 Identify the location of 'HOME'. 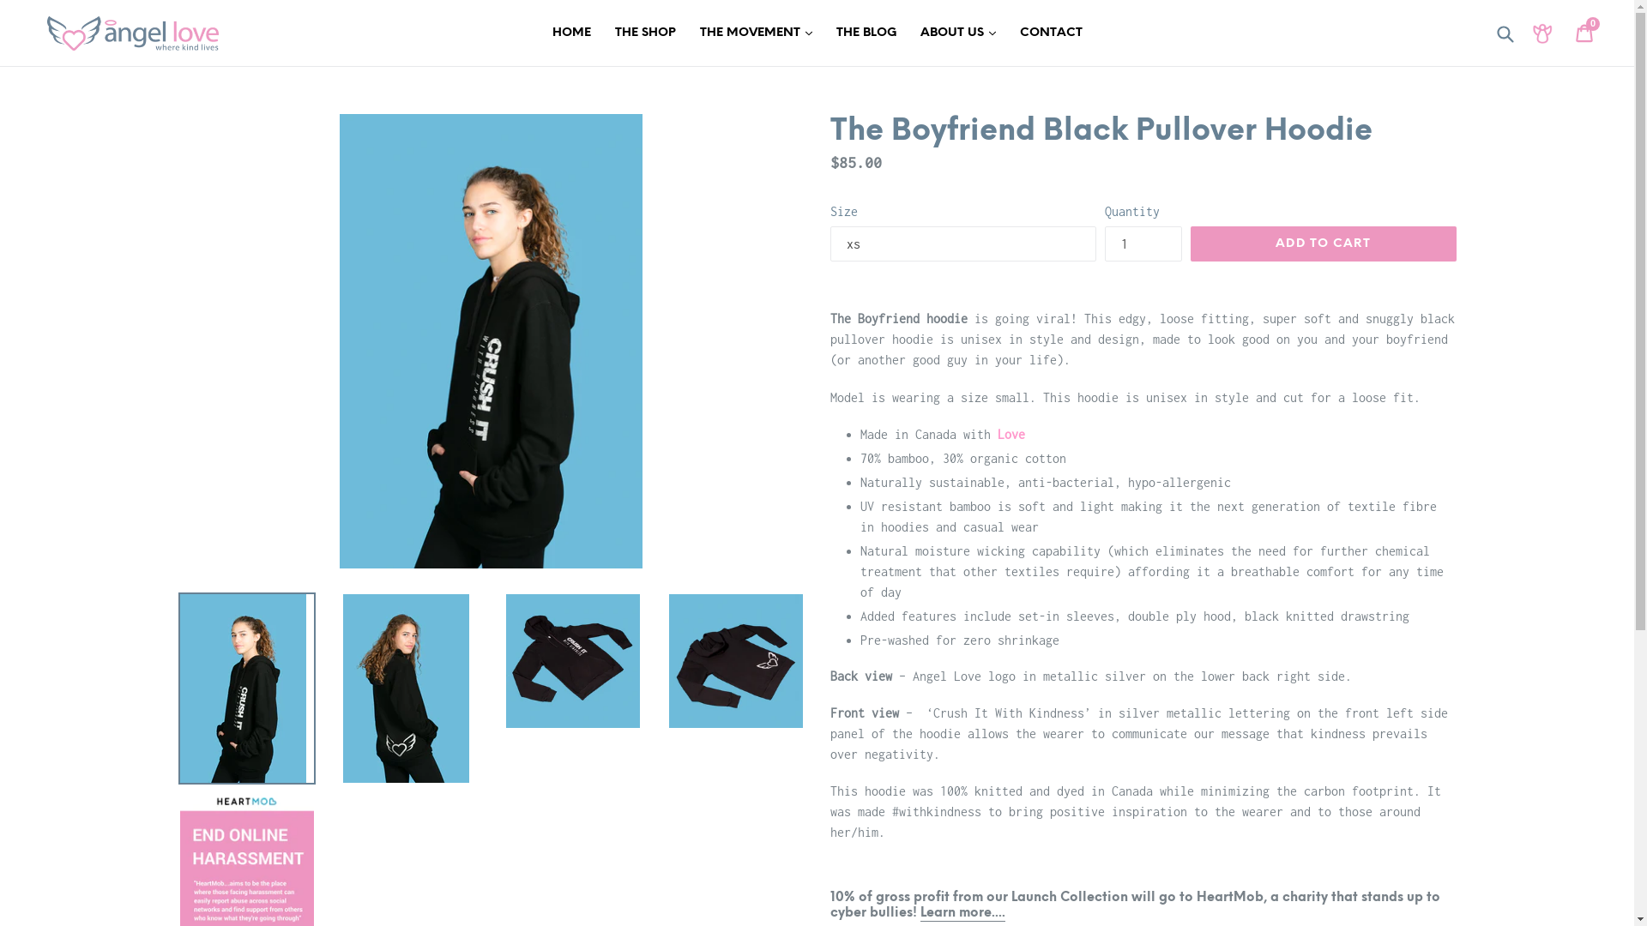
(571, 33).